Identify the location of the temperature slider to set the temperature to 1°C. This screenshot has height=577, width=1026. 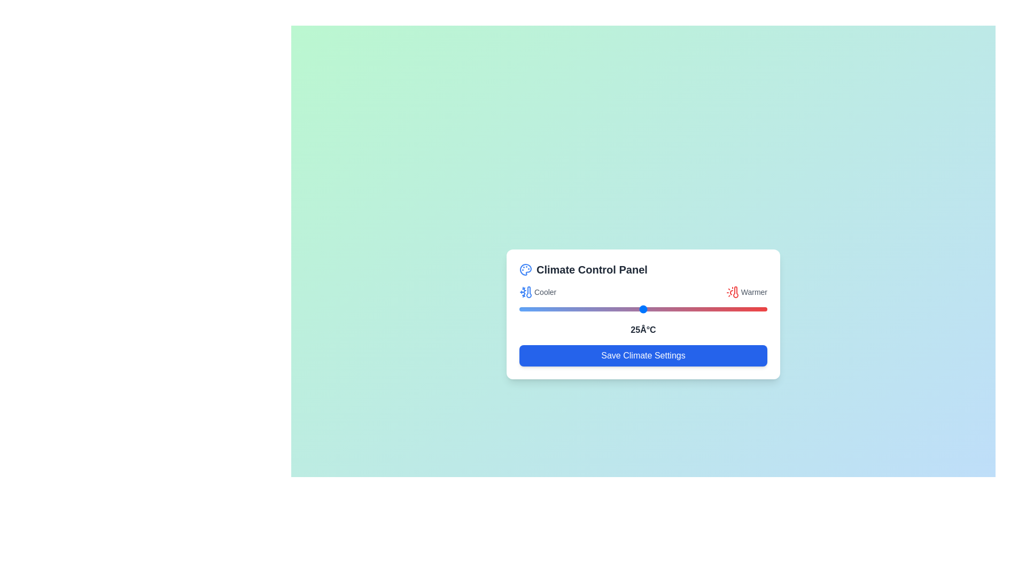
(524, 309).